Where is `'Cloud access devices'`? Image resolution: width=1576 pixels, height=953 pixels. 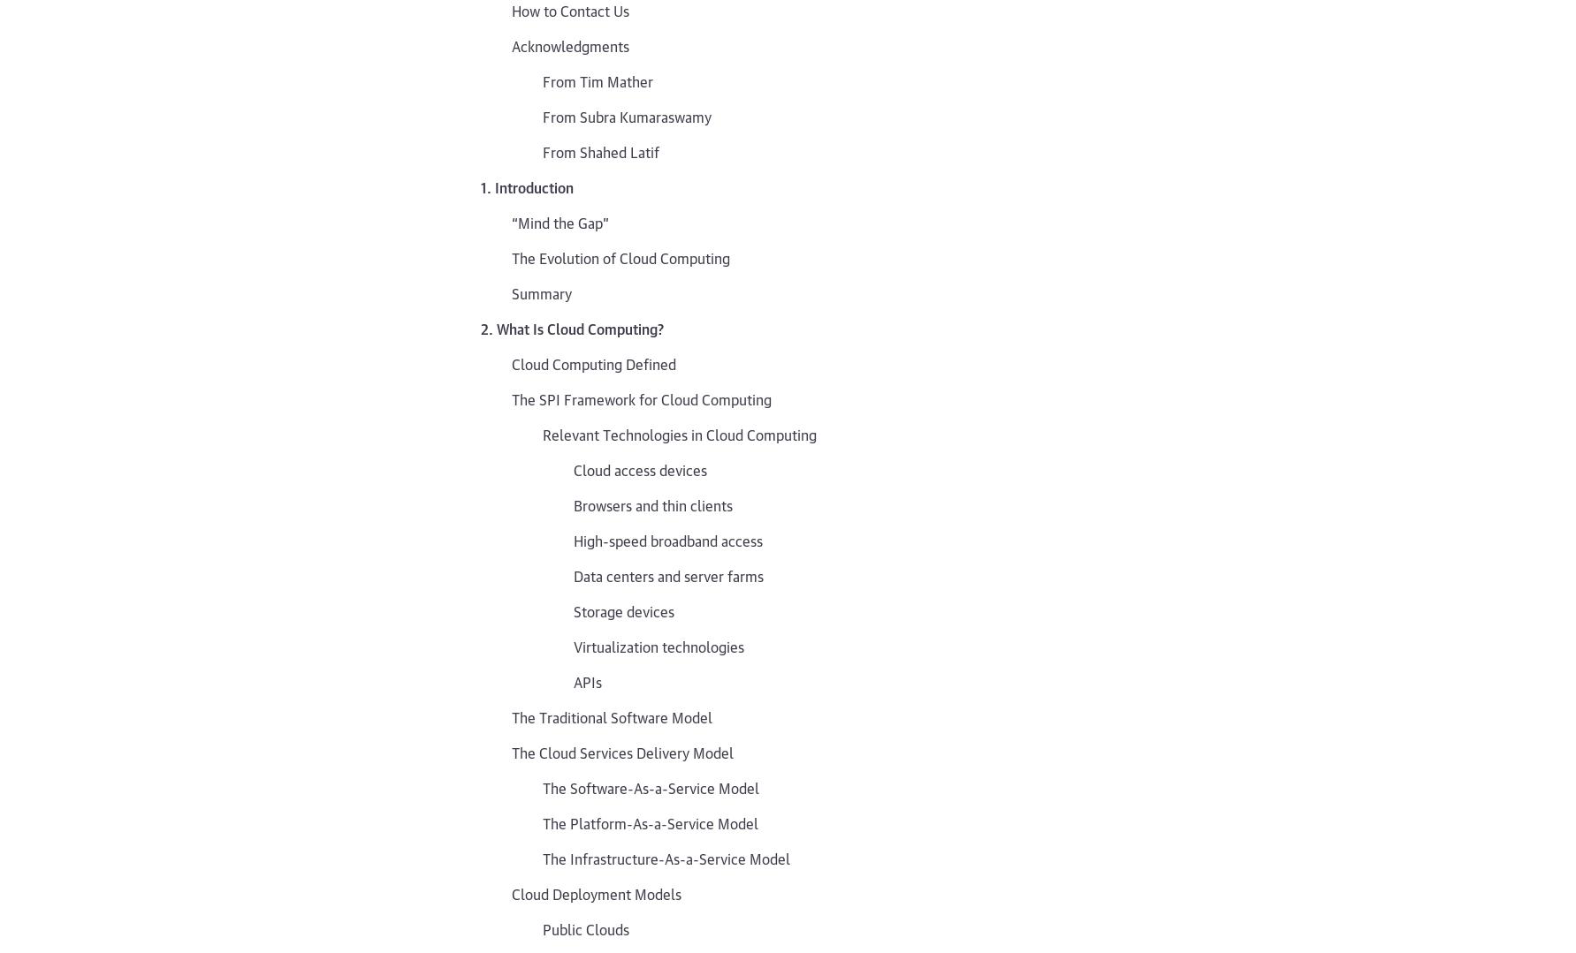
'Cloud access devices' is located at coordinates (639, 468).